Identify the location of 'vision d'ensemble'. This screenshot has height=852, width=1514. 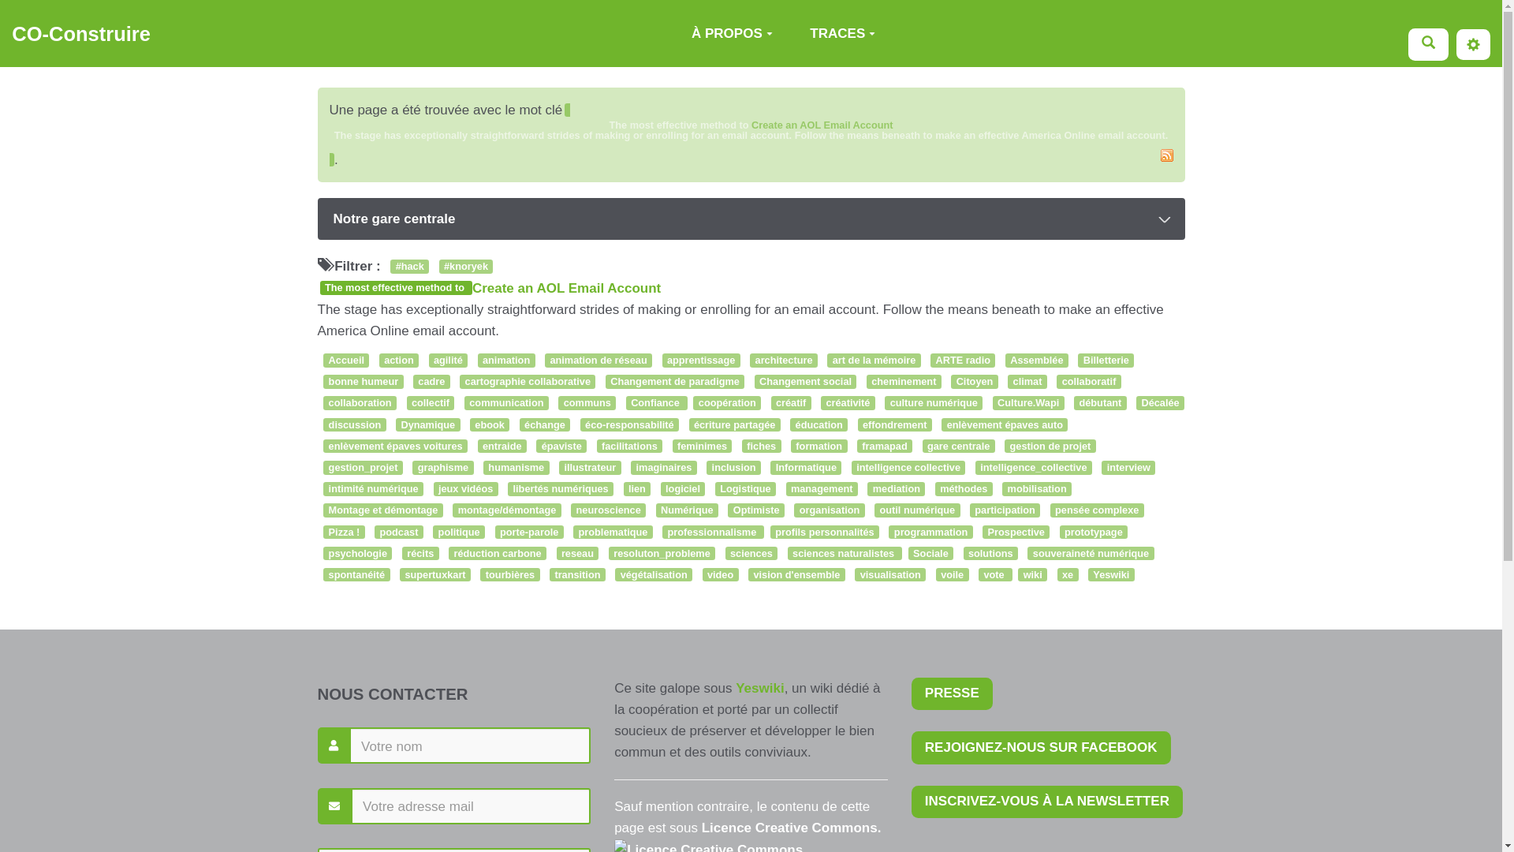
(796, 575).